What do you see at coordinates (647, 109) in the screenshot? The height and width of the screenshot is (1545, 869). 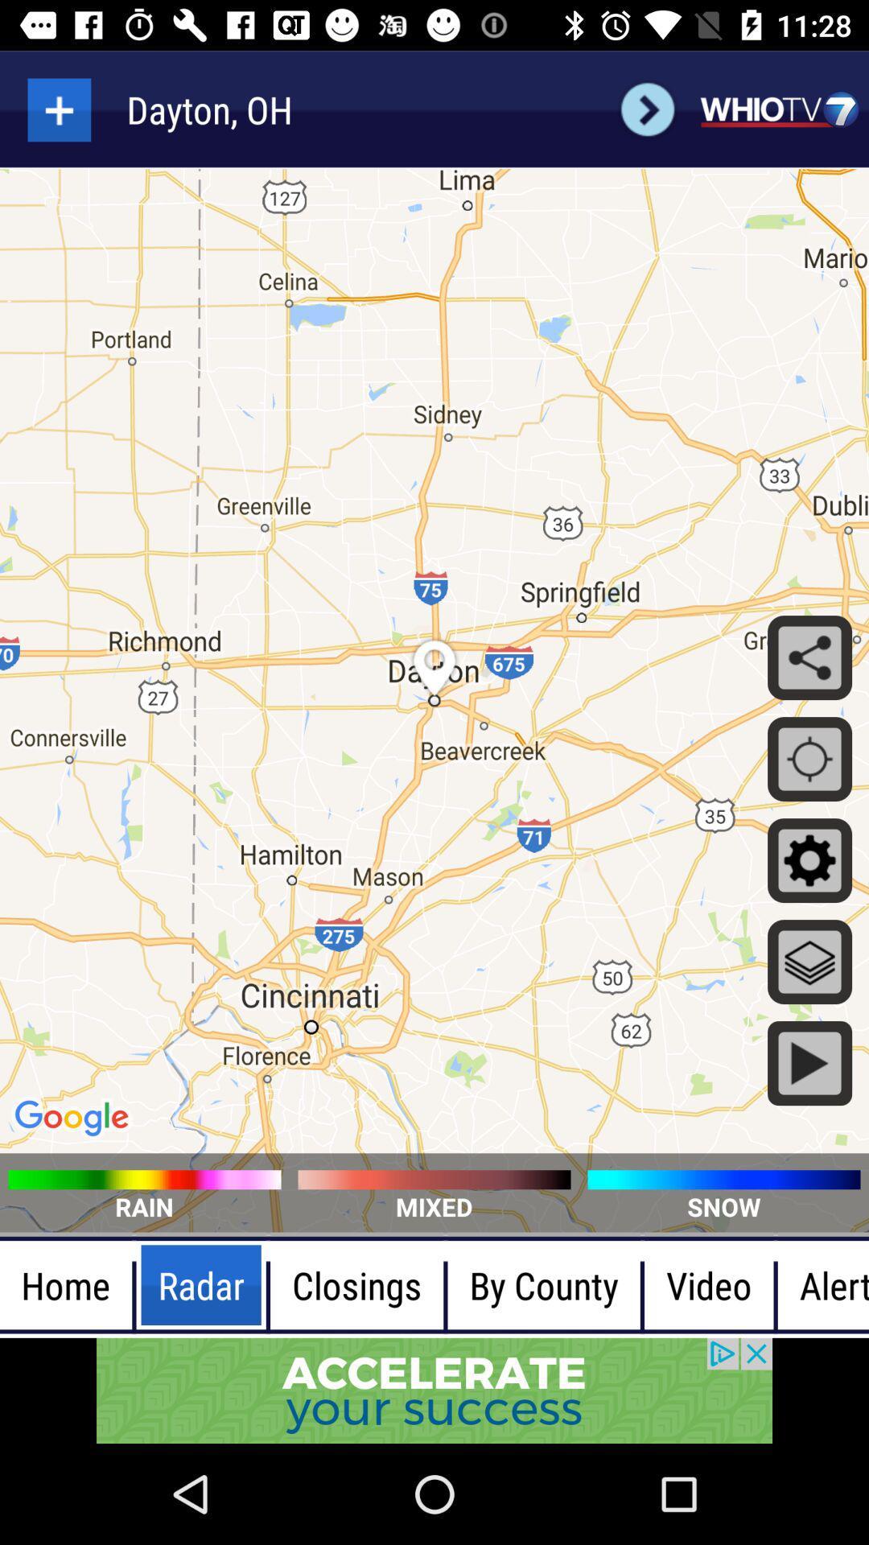 I see `the arrow_forward icon` at bounding box center [647, 109].